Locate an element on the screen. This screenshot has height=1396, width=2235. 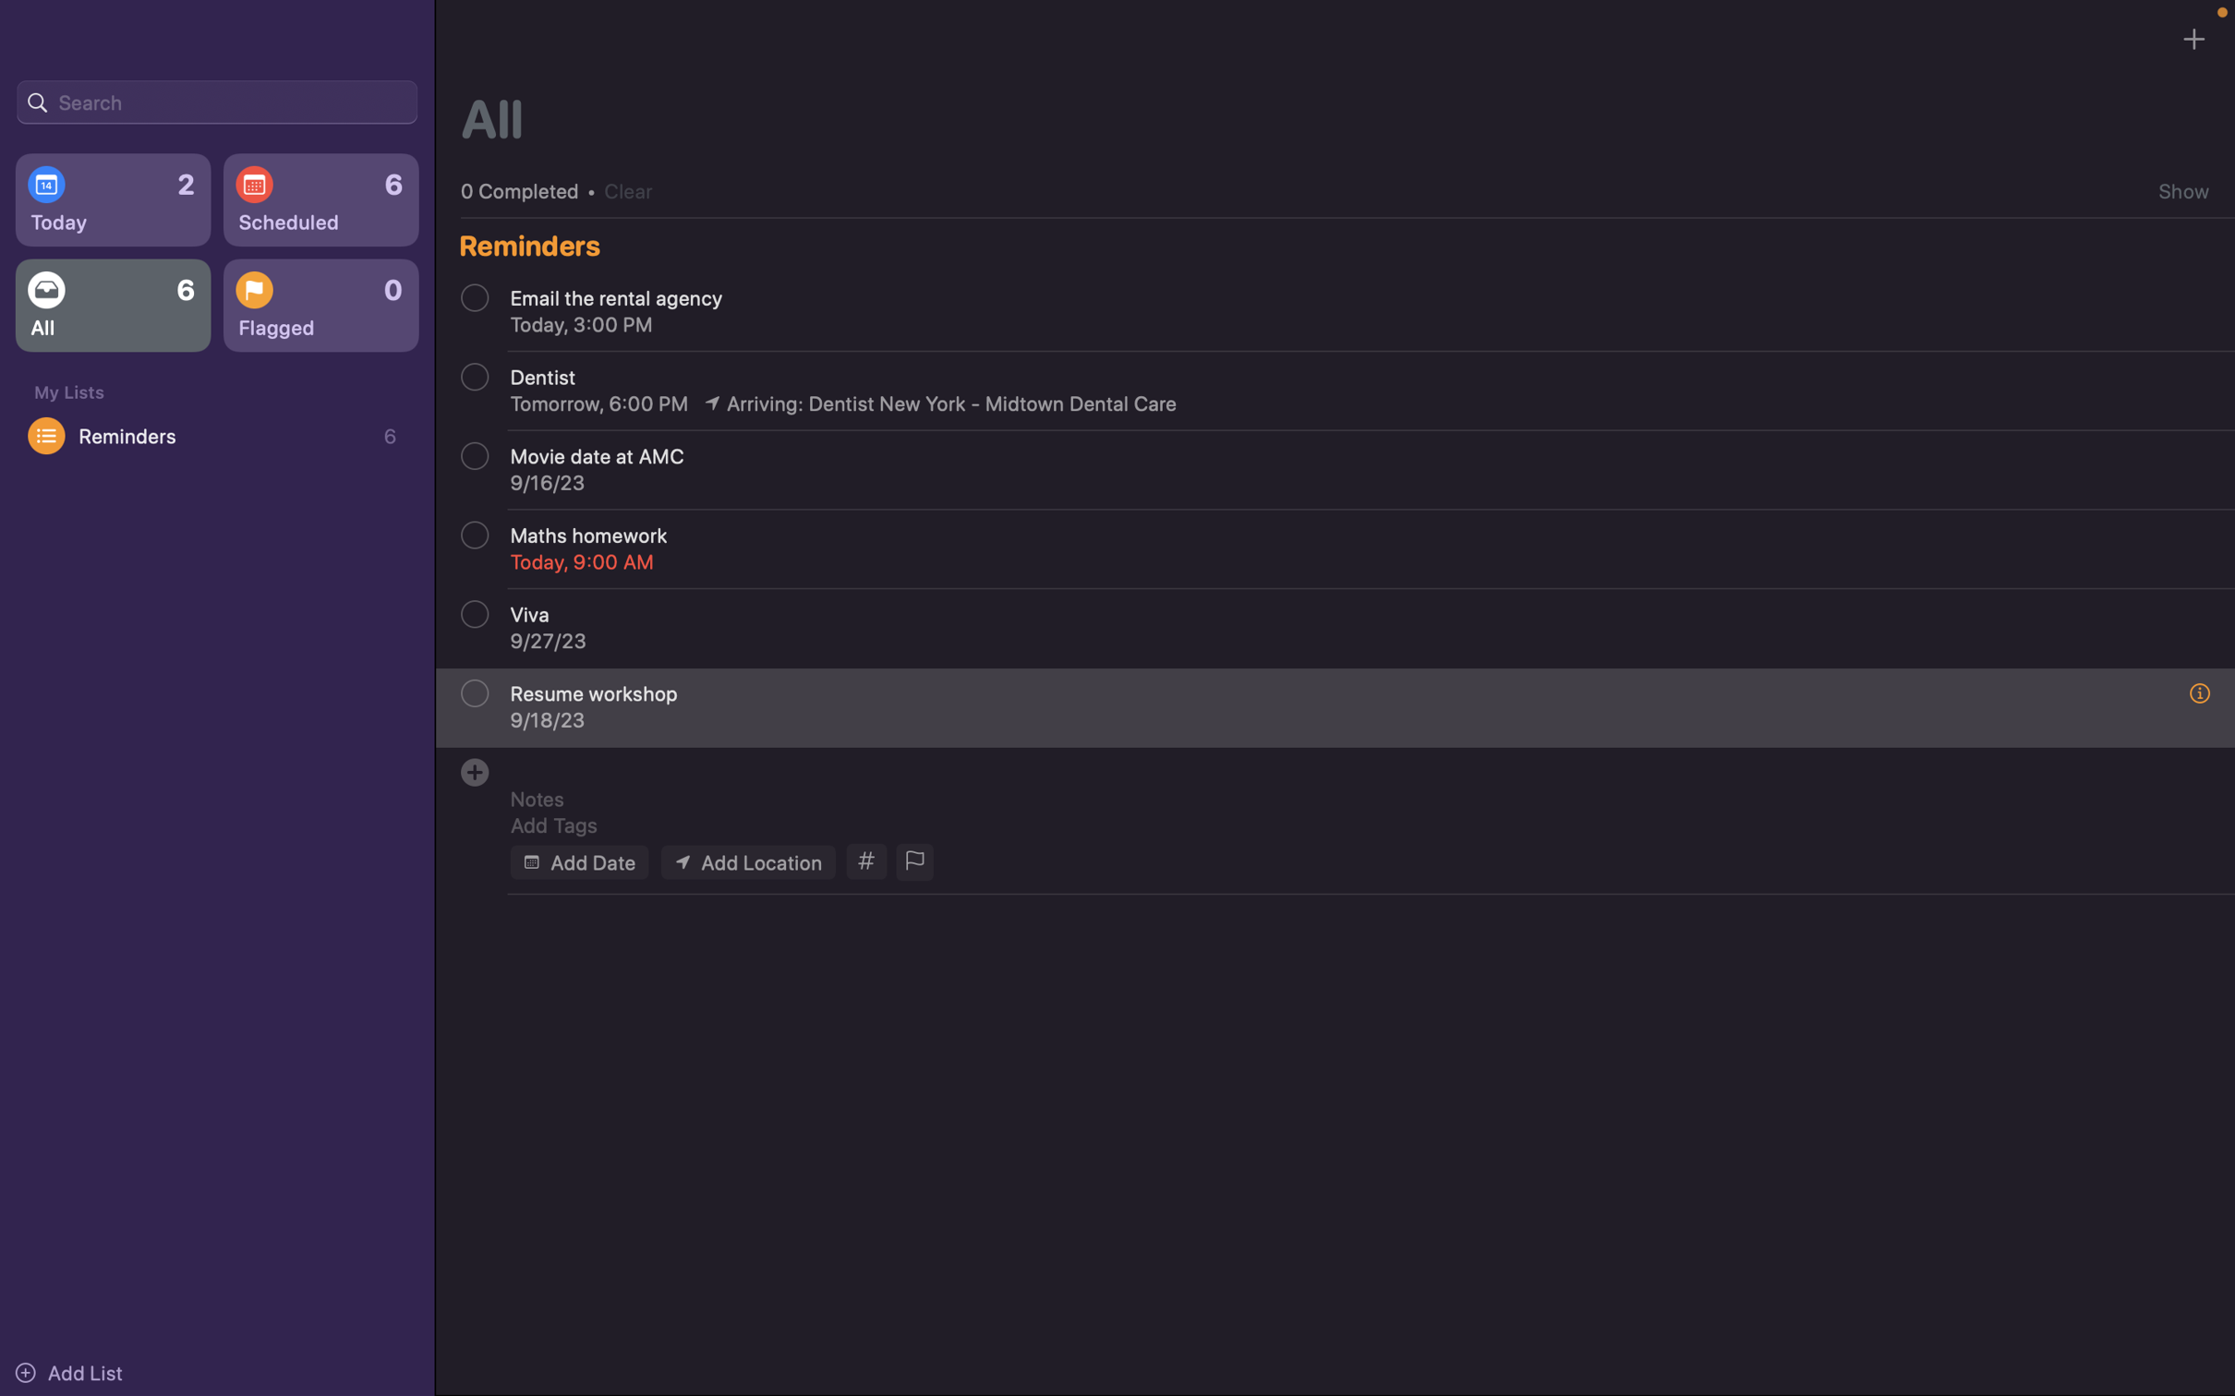
Mark this upcoming event as important is located at coordinates (912, 862).